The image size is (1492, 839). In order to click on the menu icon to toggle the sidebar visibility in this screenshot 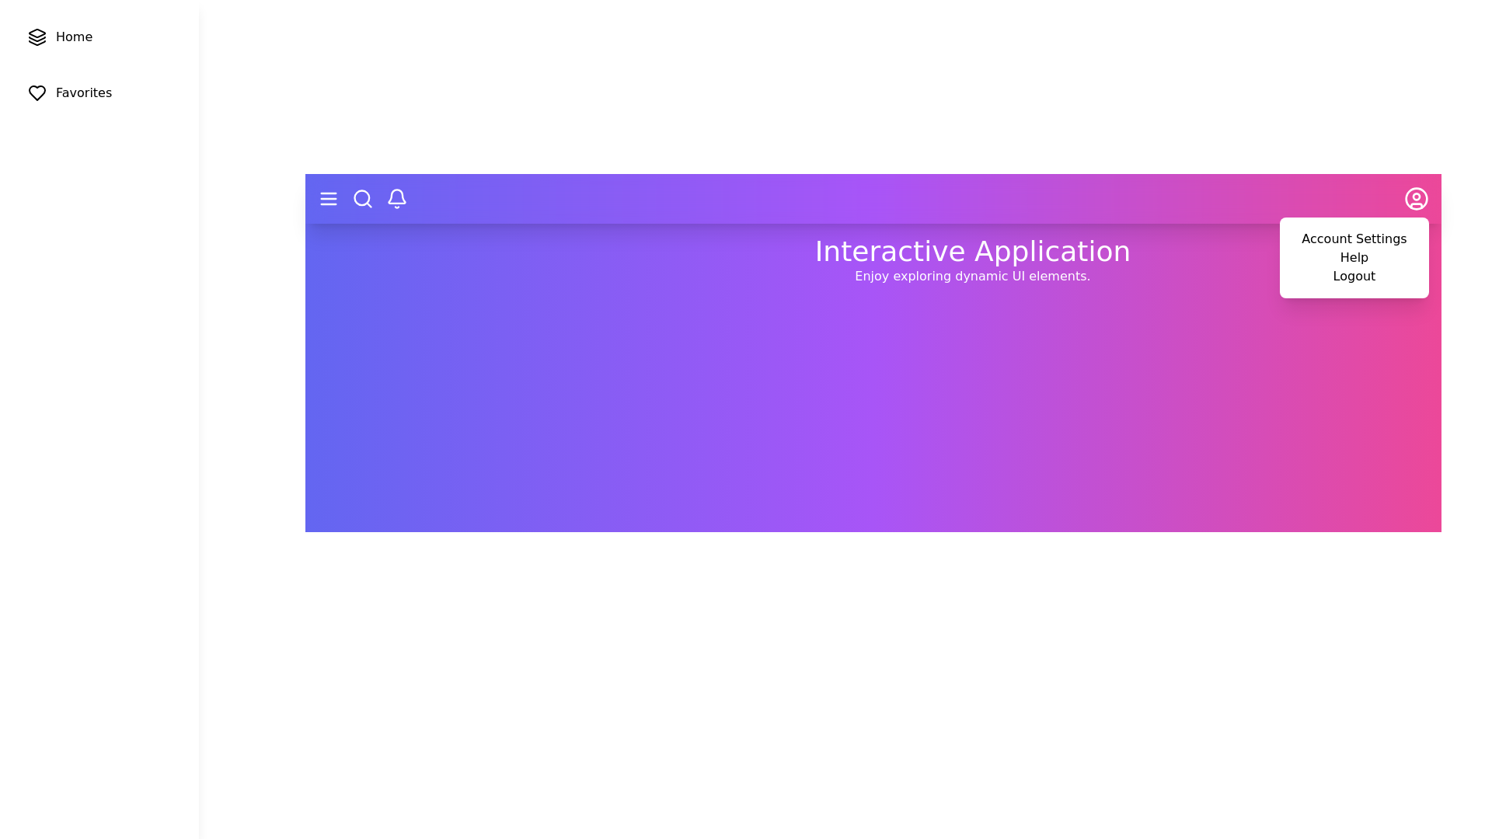, I will do `click(327, 197)`.